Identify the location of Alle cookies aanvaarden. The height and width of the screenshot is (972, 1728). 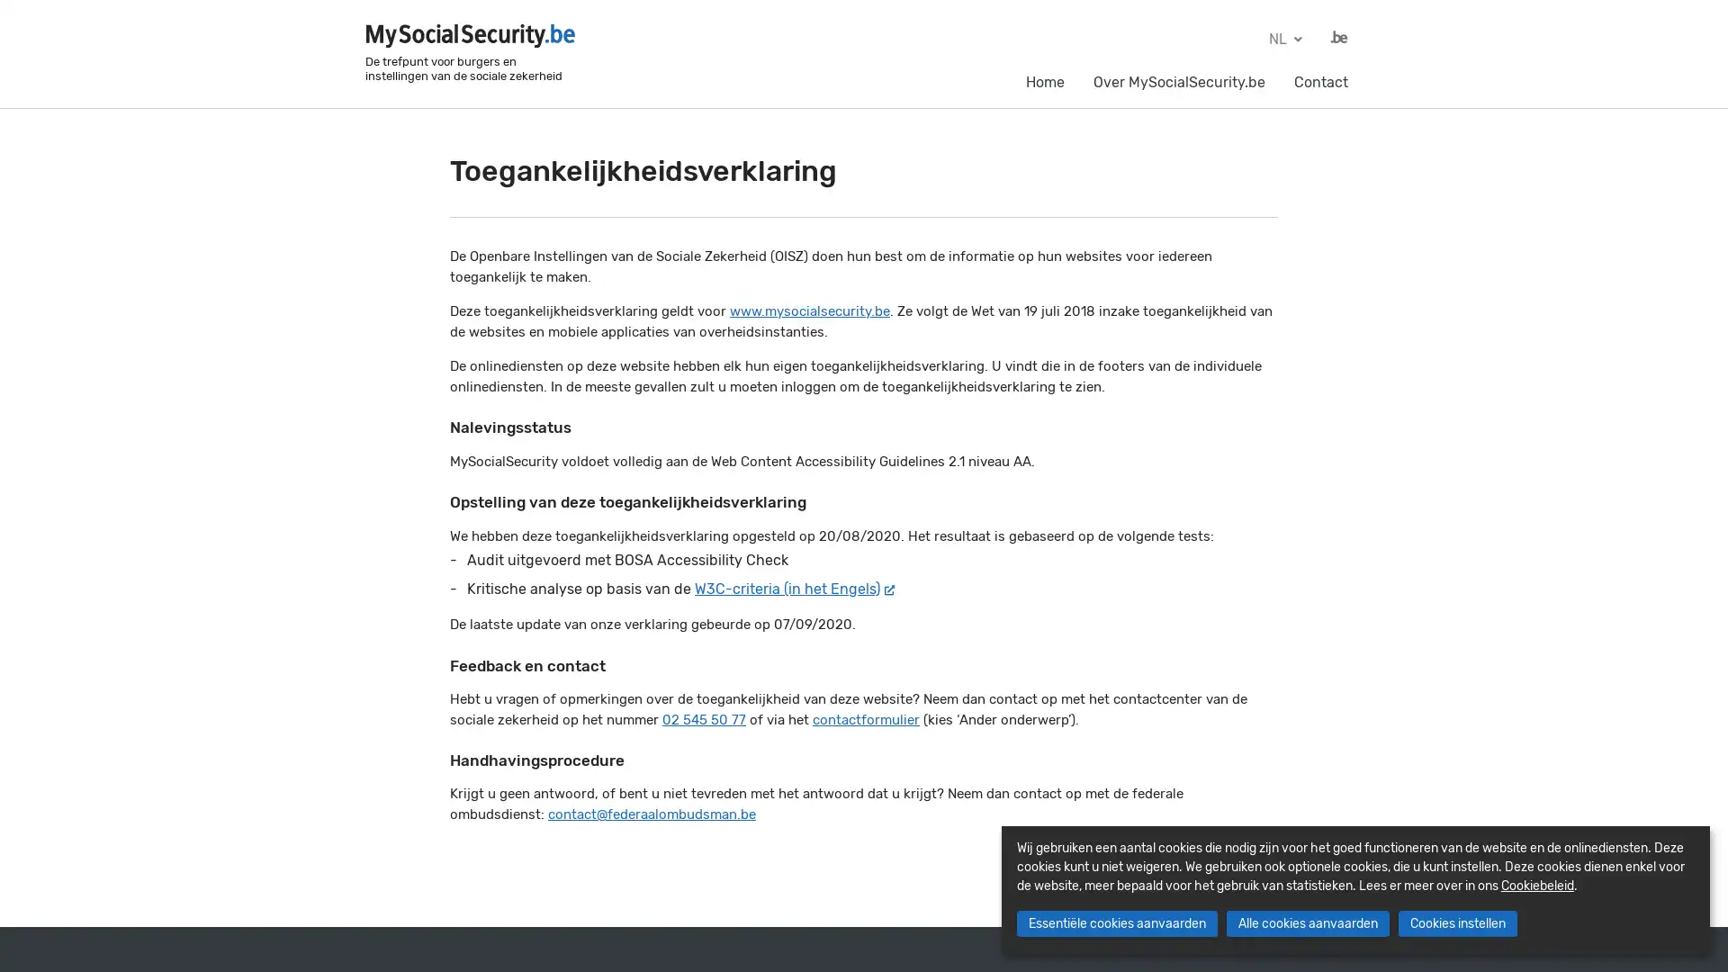
(1307, 923).